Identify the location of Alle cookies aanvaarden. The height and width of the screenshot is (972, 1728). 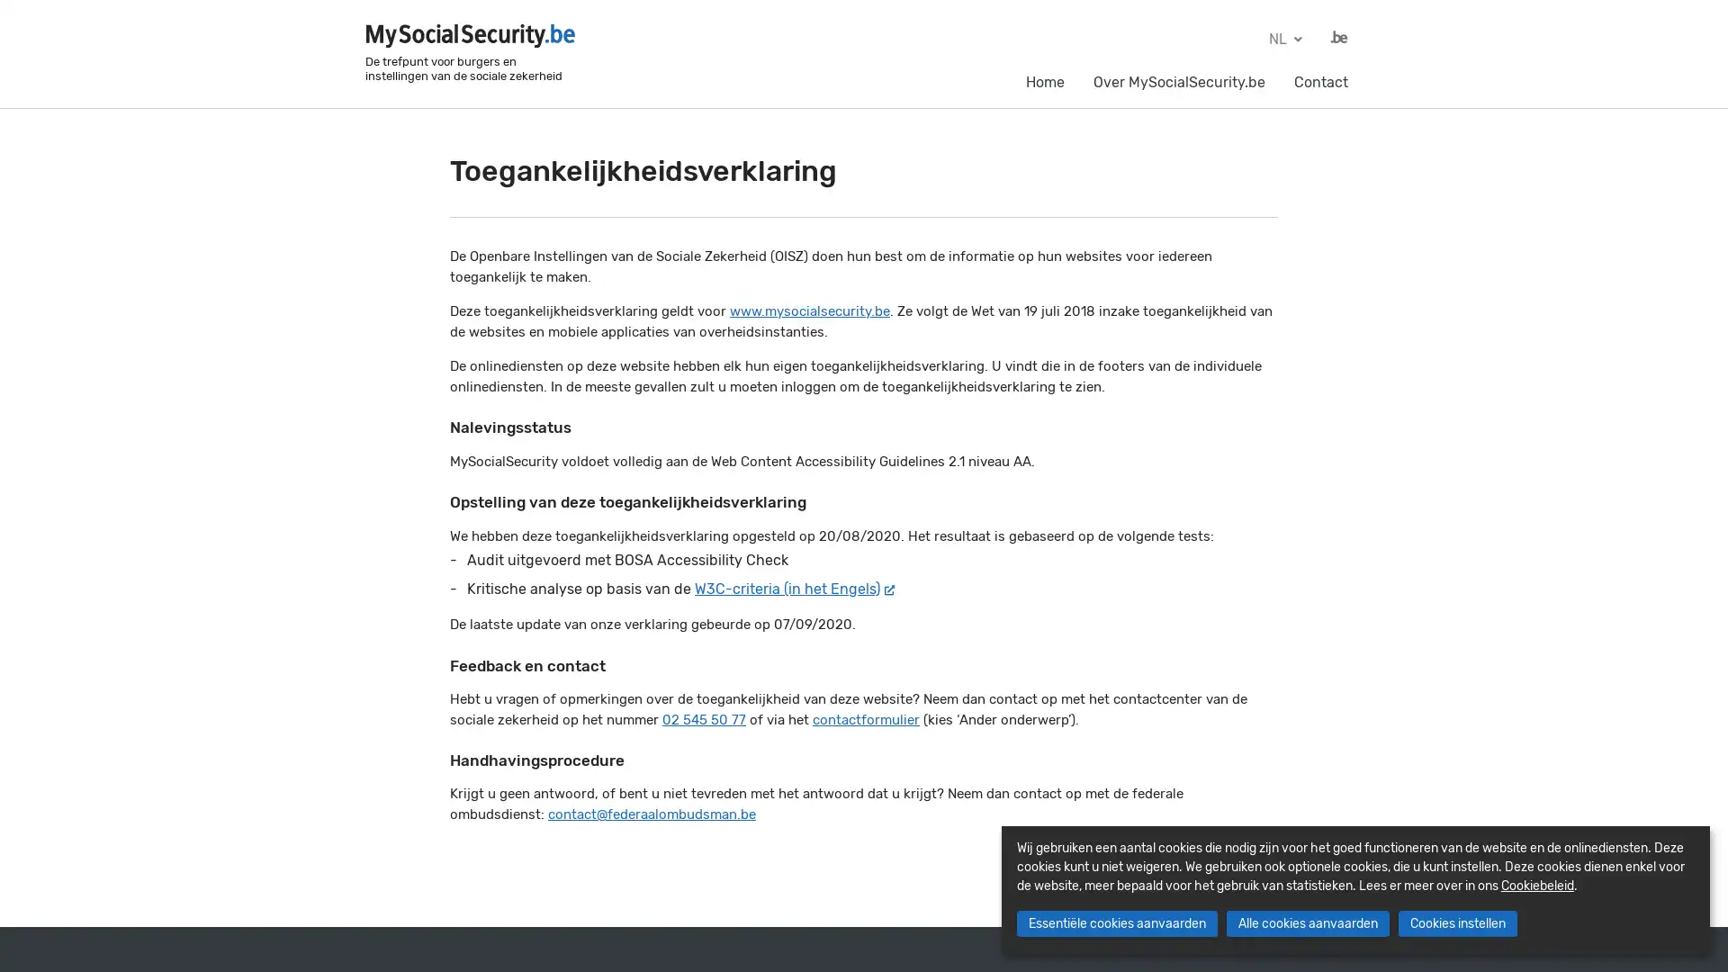
(1307, 923).